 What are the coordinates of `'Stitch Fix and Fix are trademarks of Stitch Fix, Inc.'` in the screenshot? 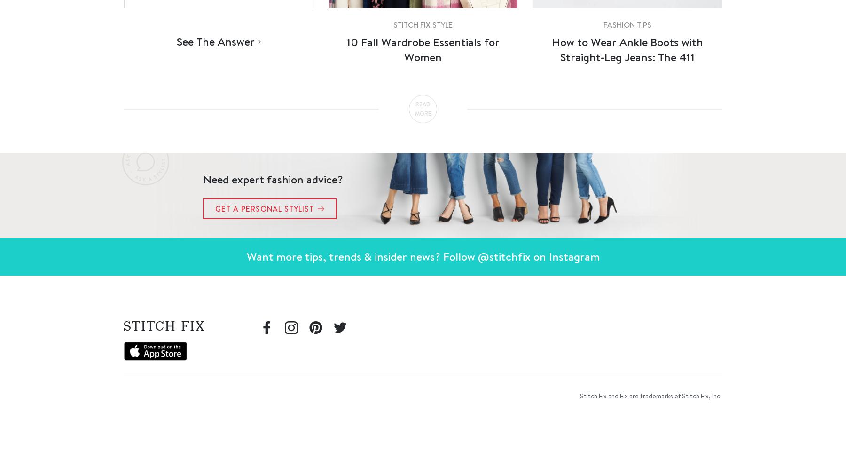 It's located at (580, 395).